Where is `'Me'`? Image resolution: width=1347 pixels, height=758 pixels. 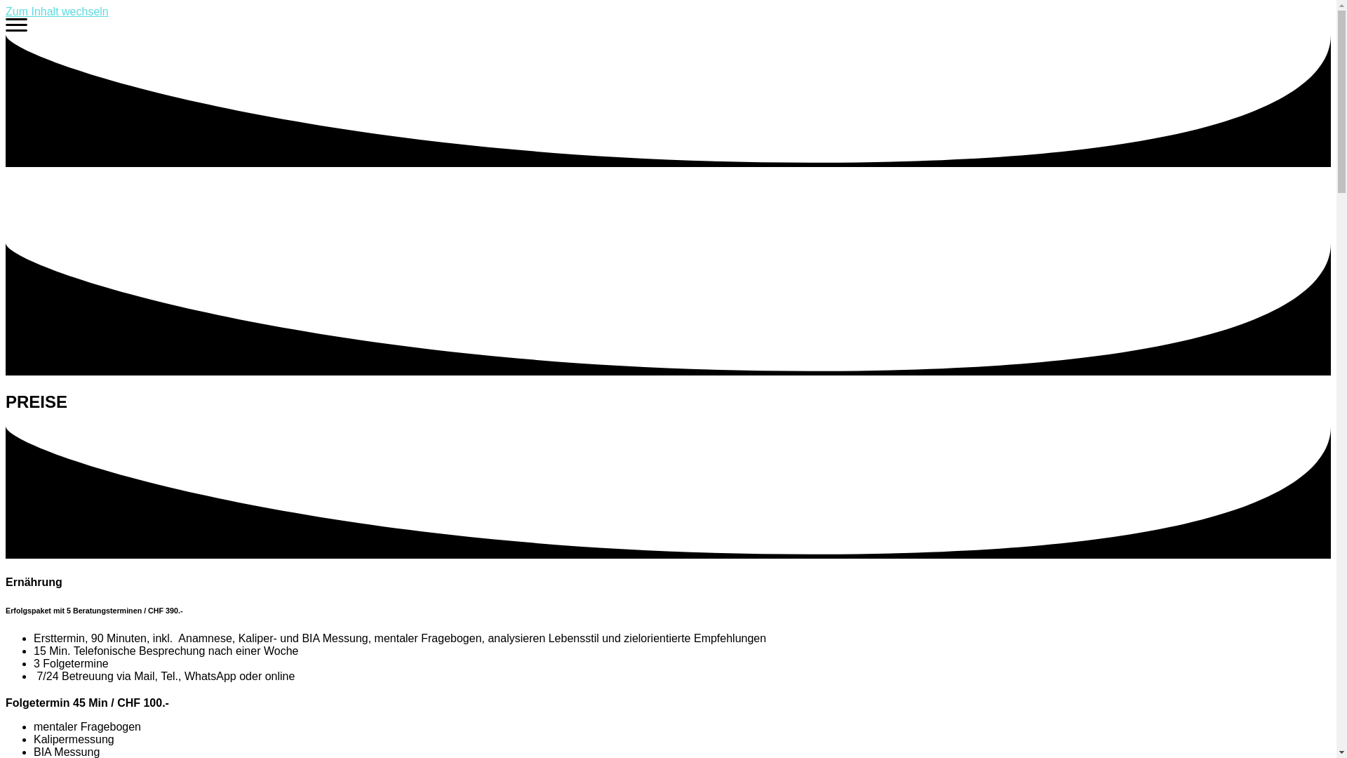
'Me' is located at coordinates (16, 27).